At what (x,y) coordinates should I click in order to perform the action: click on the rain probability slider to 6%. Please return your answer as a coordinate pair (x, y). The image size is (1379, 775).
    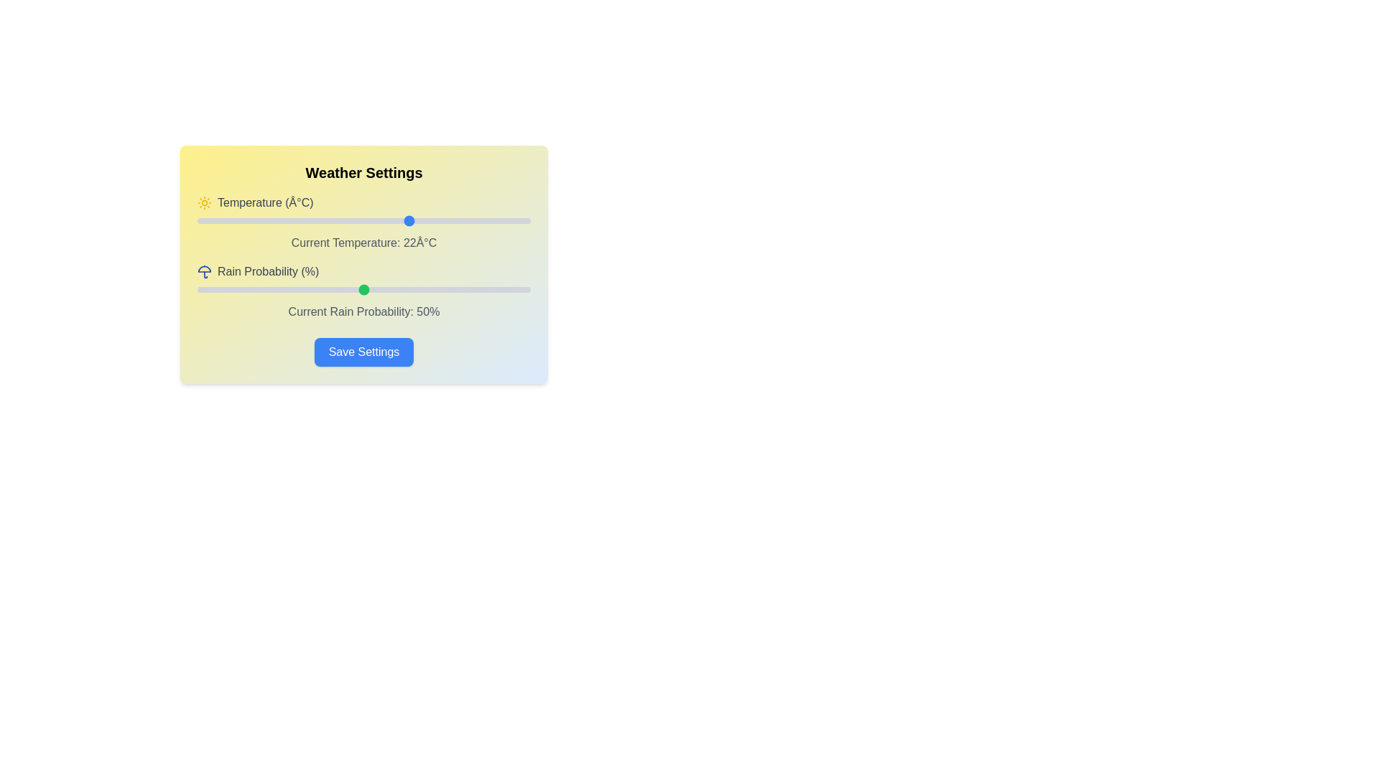
    Looking at the image, I should click on (216, 290).